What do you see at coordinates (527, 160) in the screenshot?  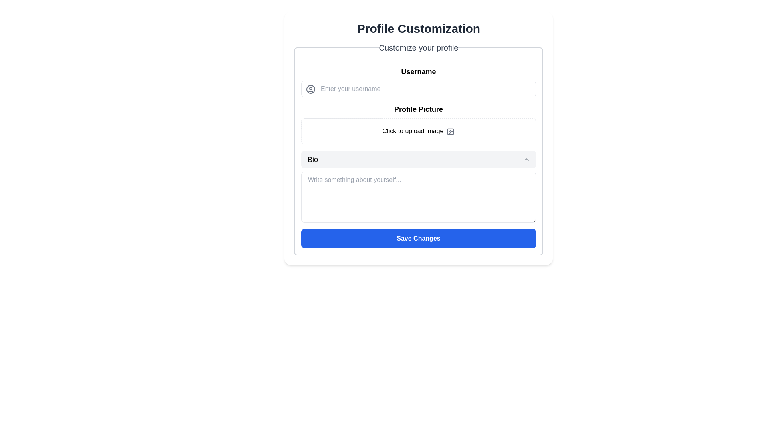 I see `the upward-pointing arrow icon adjacent to the 'Bio' label in the menu item` at bounding box center [527, 160].